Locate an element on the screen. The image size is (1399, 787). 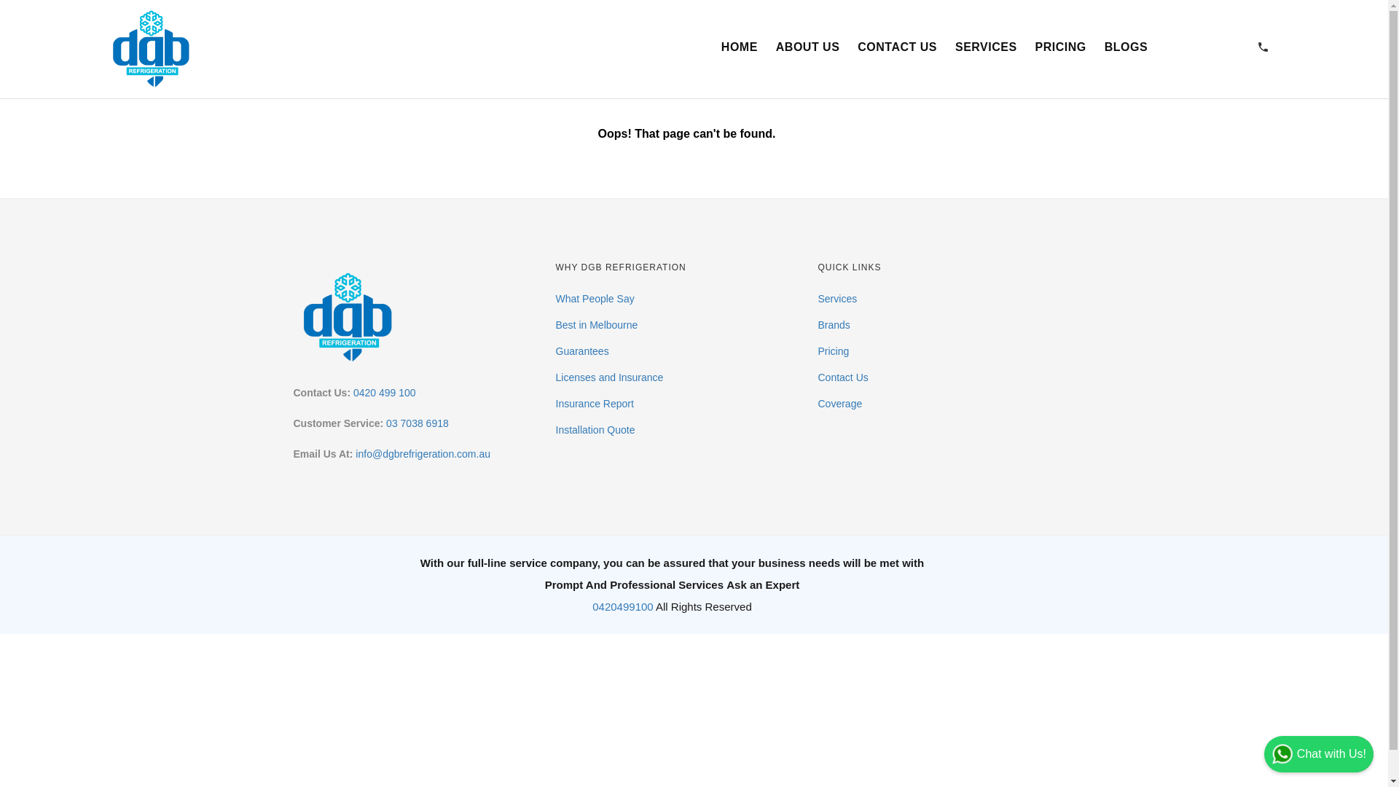
'What People Say' is located at coordinates (595, 297).